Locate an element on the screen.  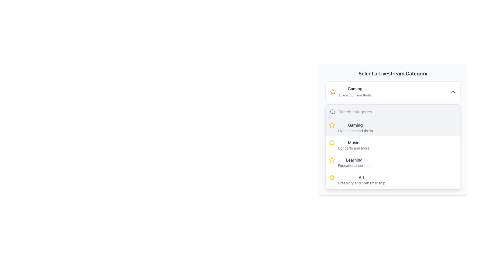
the header text label 'Select a Livestream Category' which is the topmost element in a card layout, centered horizontally at the top of the card is located at coordinates (393, 73).